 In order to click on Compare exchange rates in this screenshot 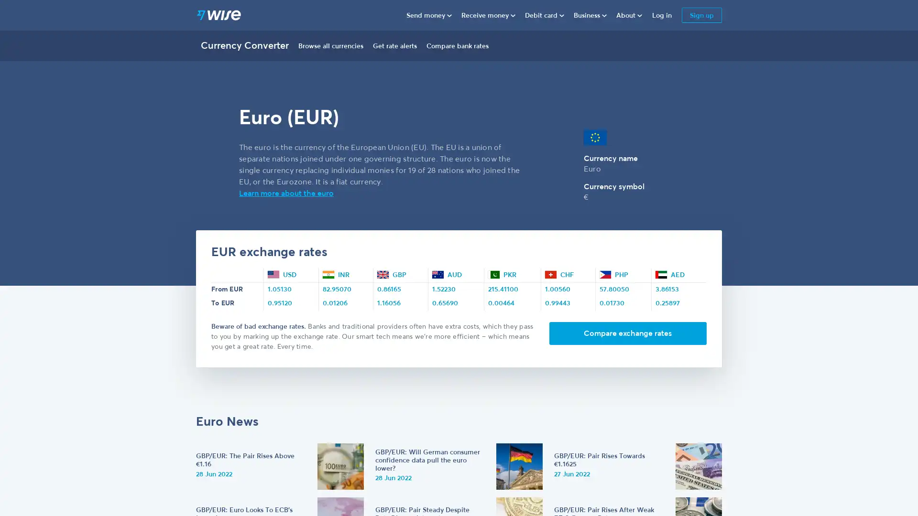, I will do `click(627, 333)`.